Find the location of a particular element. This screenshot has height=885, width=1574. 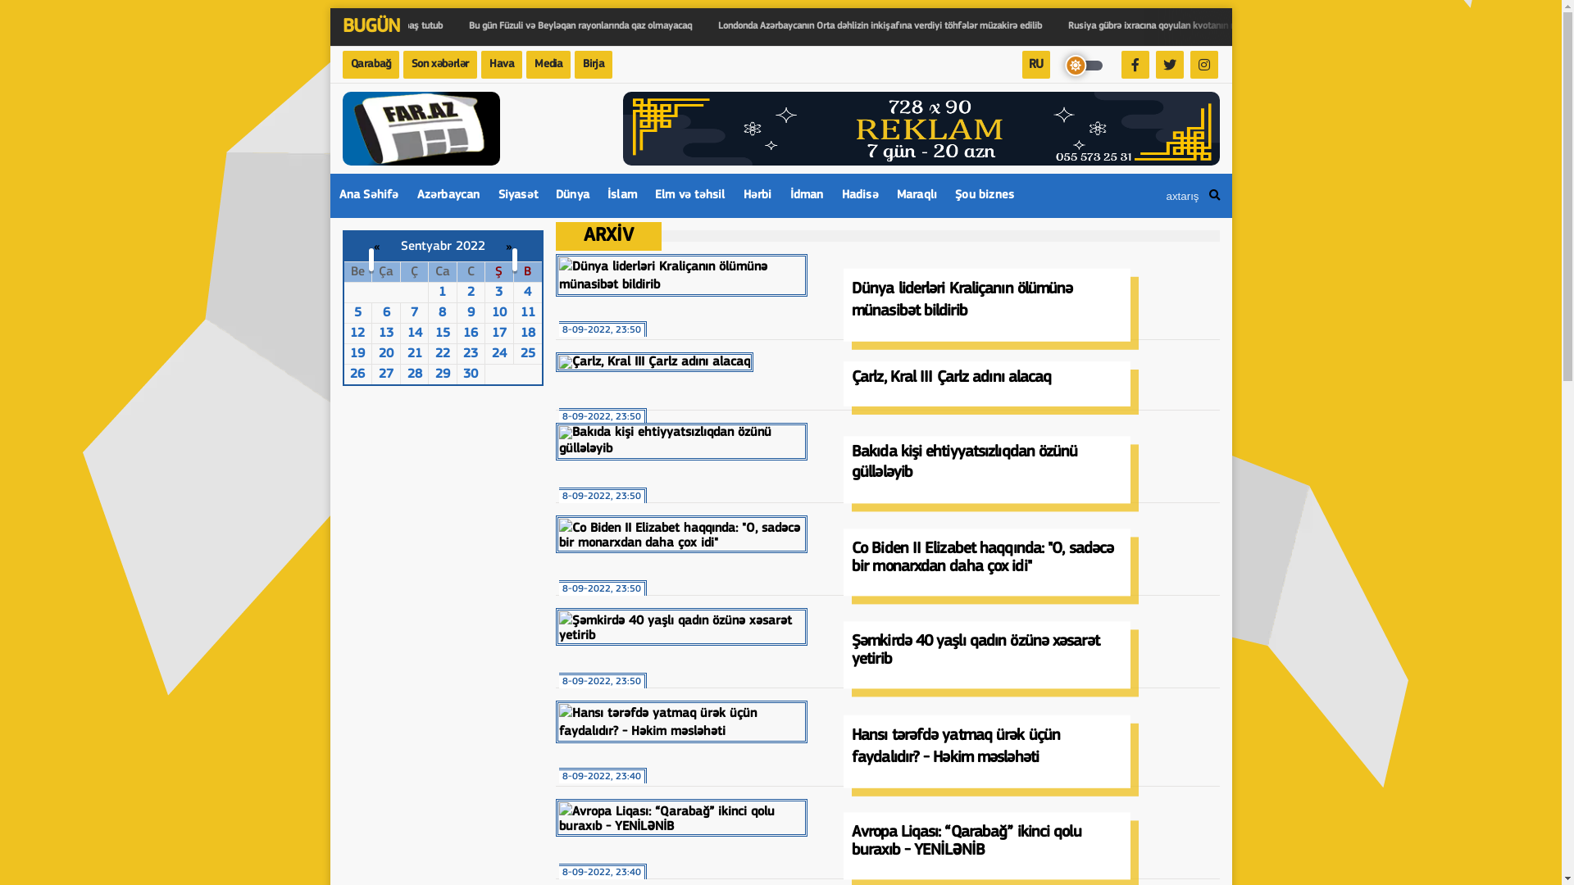

'Media' is located at coordinates (548, 63).